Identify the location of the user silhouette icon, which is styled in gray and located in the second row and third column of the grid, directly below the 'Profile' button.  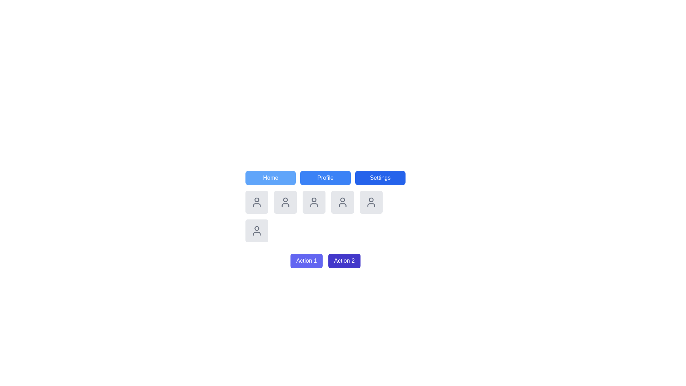
(342, 202).